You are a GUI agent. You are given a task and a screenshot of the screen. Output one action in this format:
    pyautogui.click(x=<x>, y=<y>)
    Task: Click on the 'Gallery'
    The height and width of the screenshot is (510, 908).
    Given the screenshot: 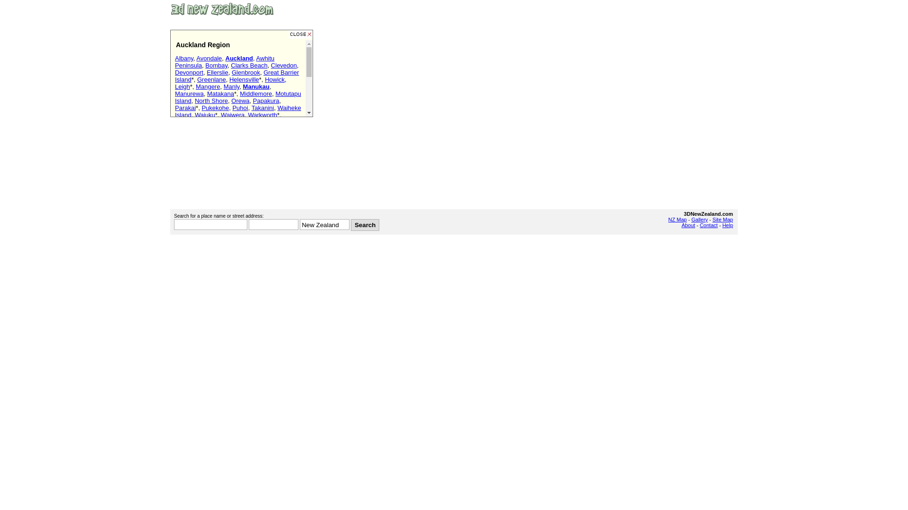 What is the action you would take?
    pyautogui.click(x=699, y=220)
    